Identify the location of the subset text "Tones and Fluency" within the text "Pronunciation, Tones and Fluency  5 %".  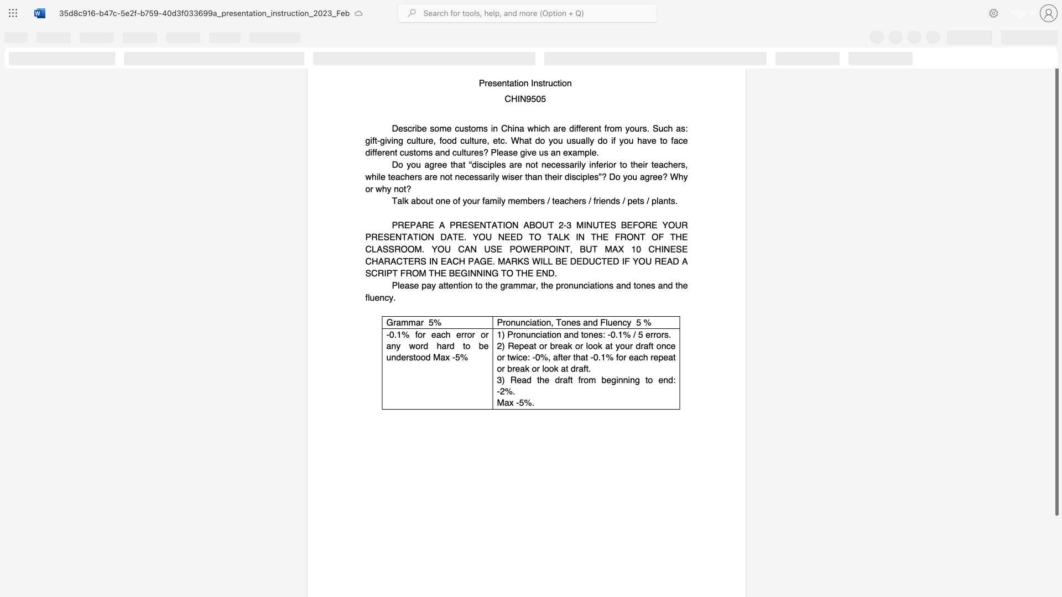
(556, 322).